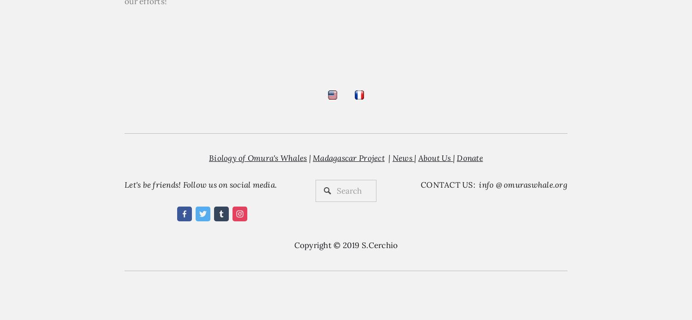  I want to click on 'Let's be friends! Follow us on social media.', so click(200, 184).